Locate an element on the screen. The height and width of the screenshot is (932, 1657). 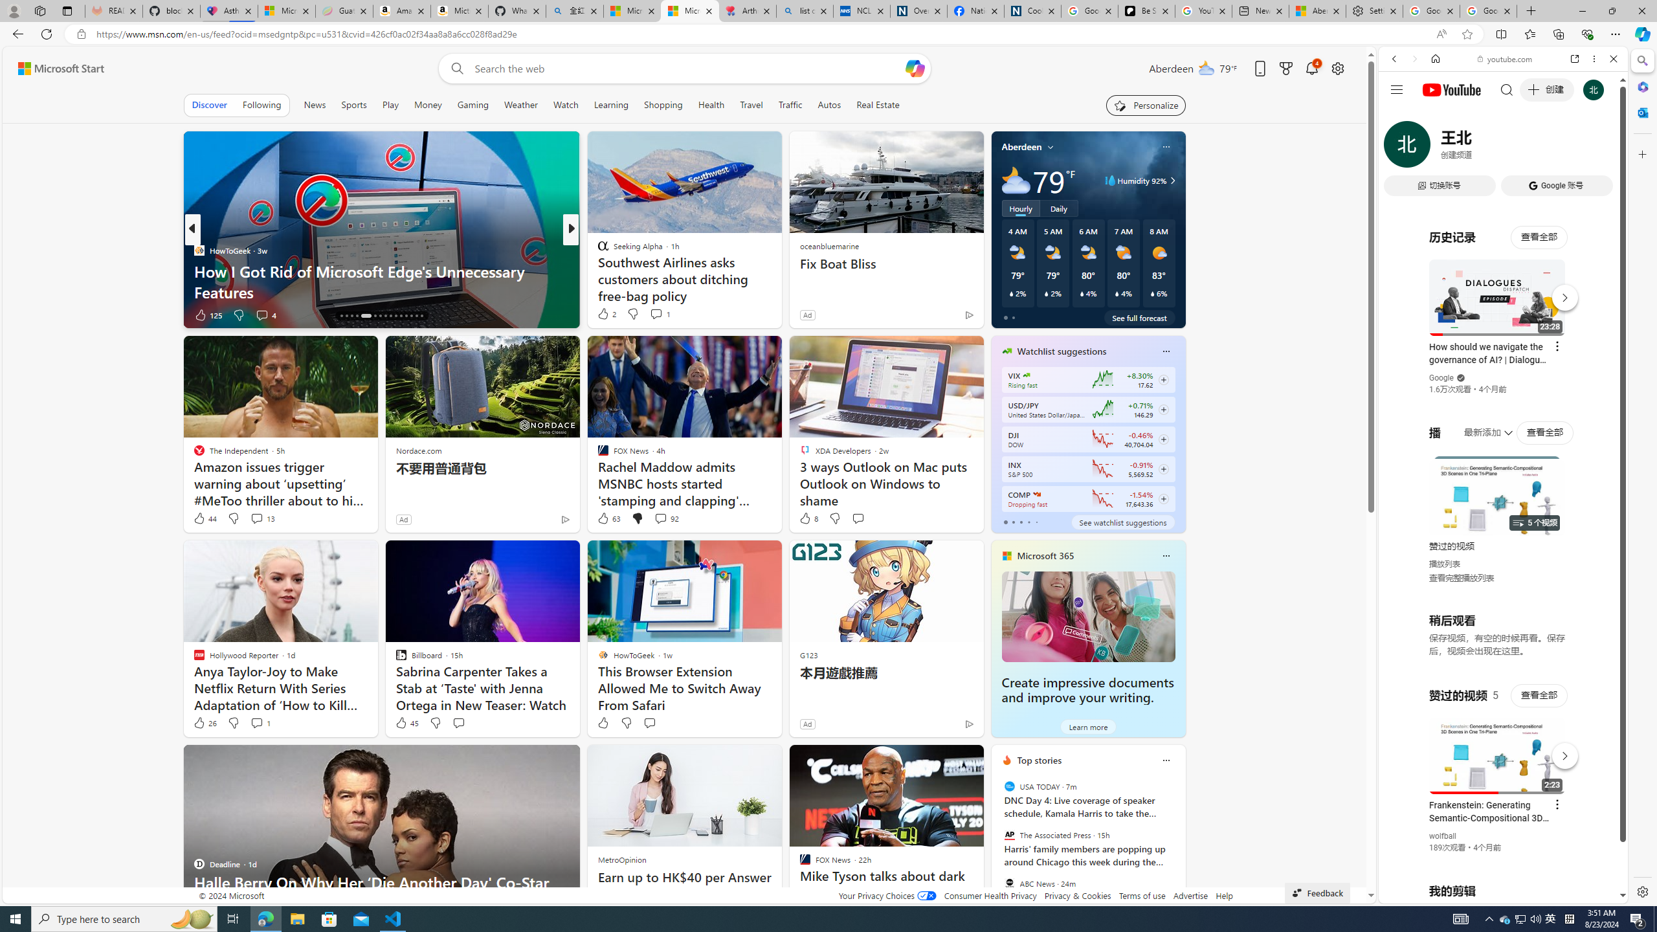
'The Washington Post' is located at coordinates (596, 250).